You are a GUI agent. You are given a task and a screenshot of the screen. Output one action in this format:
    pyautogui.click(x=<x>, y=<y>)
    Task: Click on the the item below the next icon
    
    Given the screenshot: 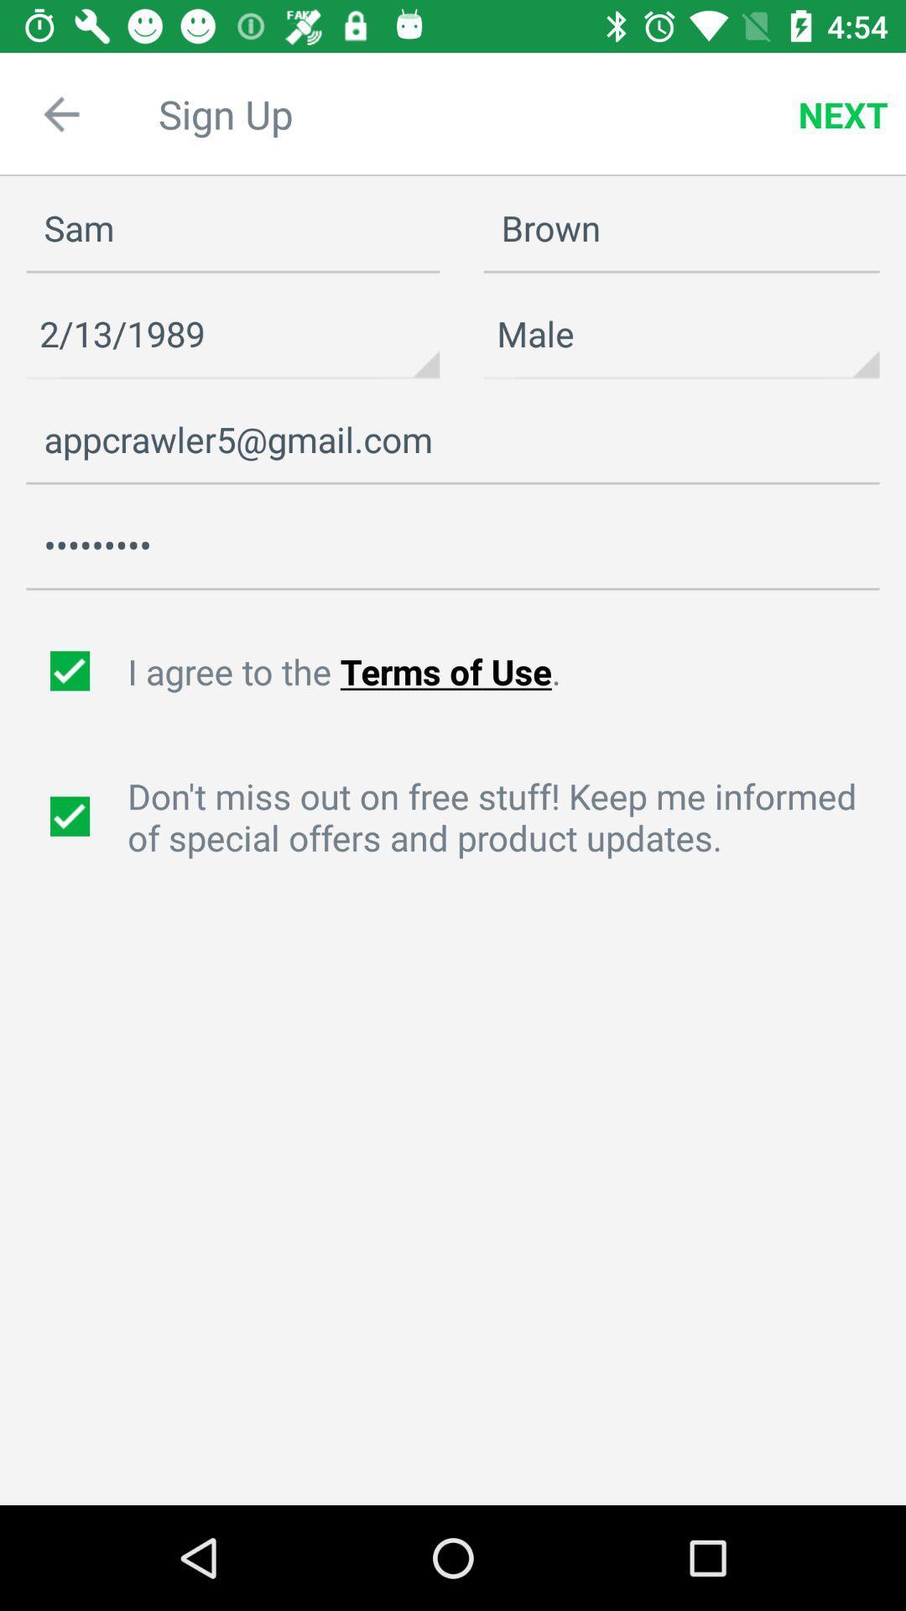 What is the action you would take?
    pyautogui.click(x=681, y=228)
    